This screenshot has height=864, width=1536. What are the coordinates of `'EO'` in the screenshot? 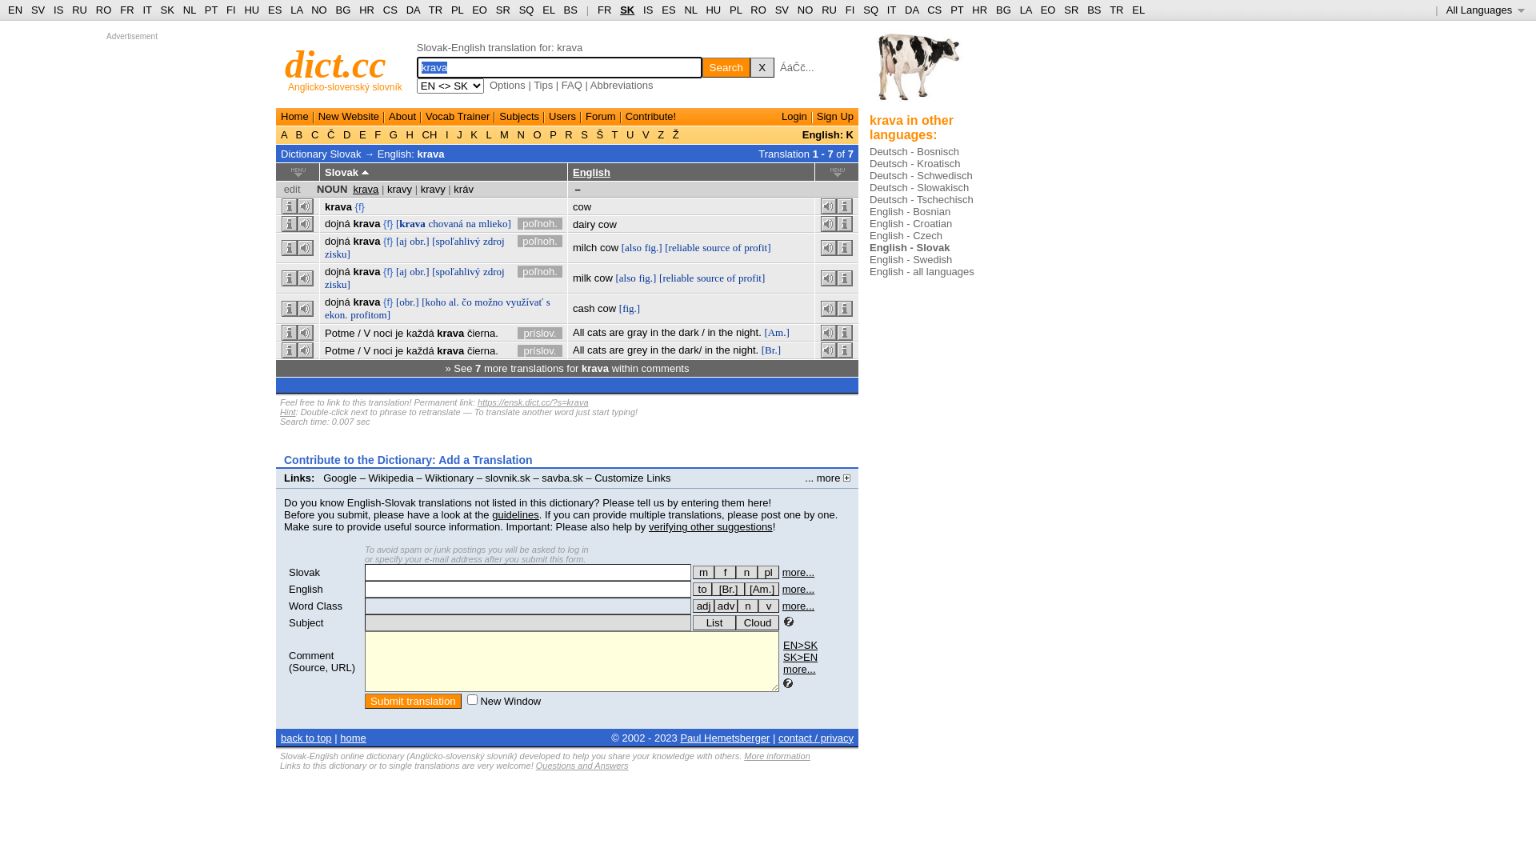 It's located at (478, 10).